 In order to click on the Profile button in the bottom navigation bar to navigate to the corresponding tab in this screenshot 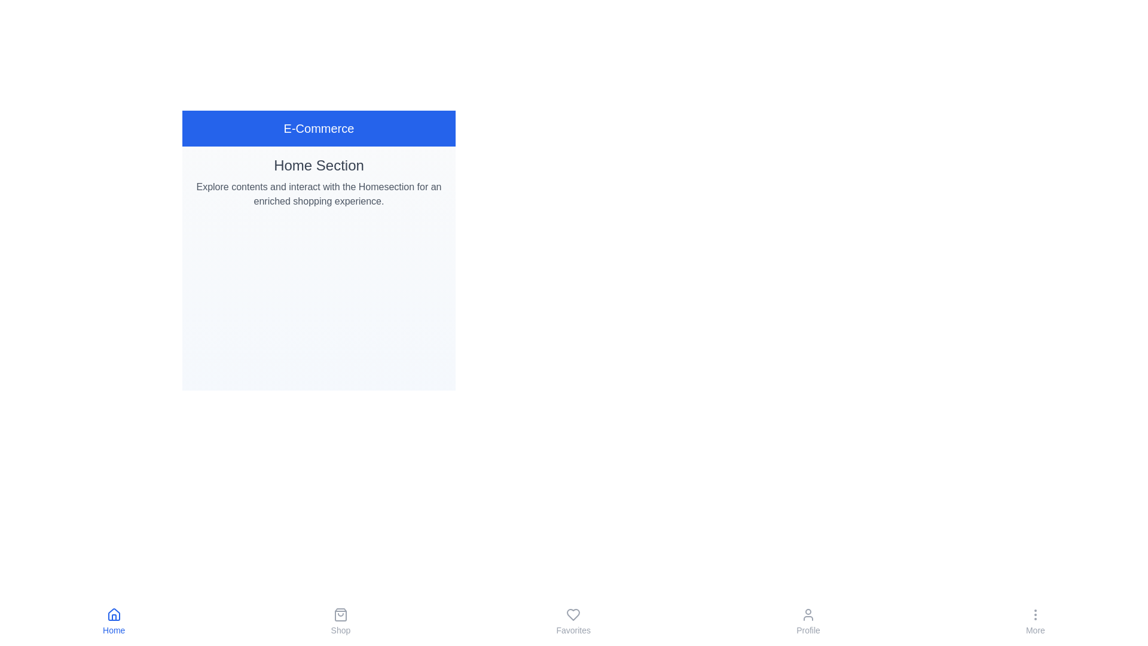, I will do `click(808, 621)`.